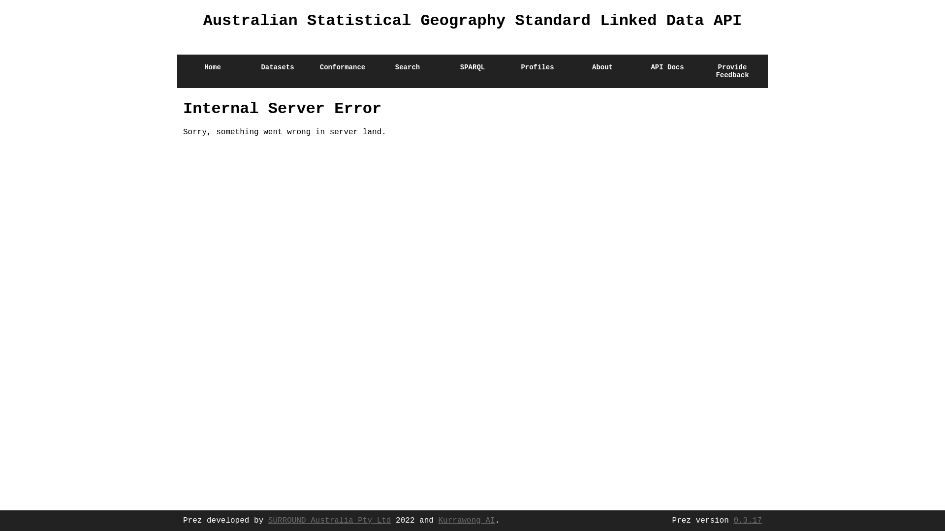 The width and height of the screenshot is (945, 531). I want to click on 'Kurrawong AI', so click(437, 520).